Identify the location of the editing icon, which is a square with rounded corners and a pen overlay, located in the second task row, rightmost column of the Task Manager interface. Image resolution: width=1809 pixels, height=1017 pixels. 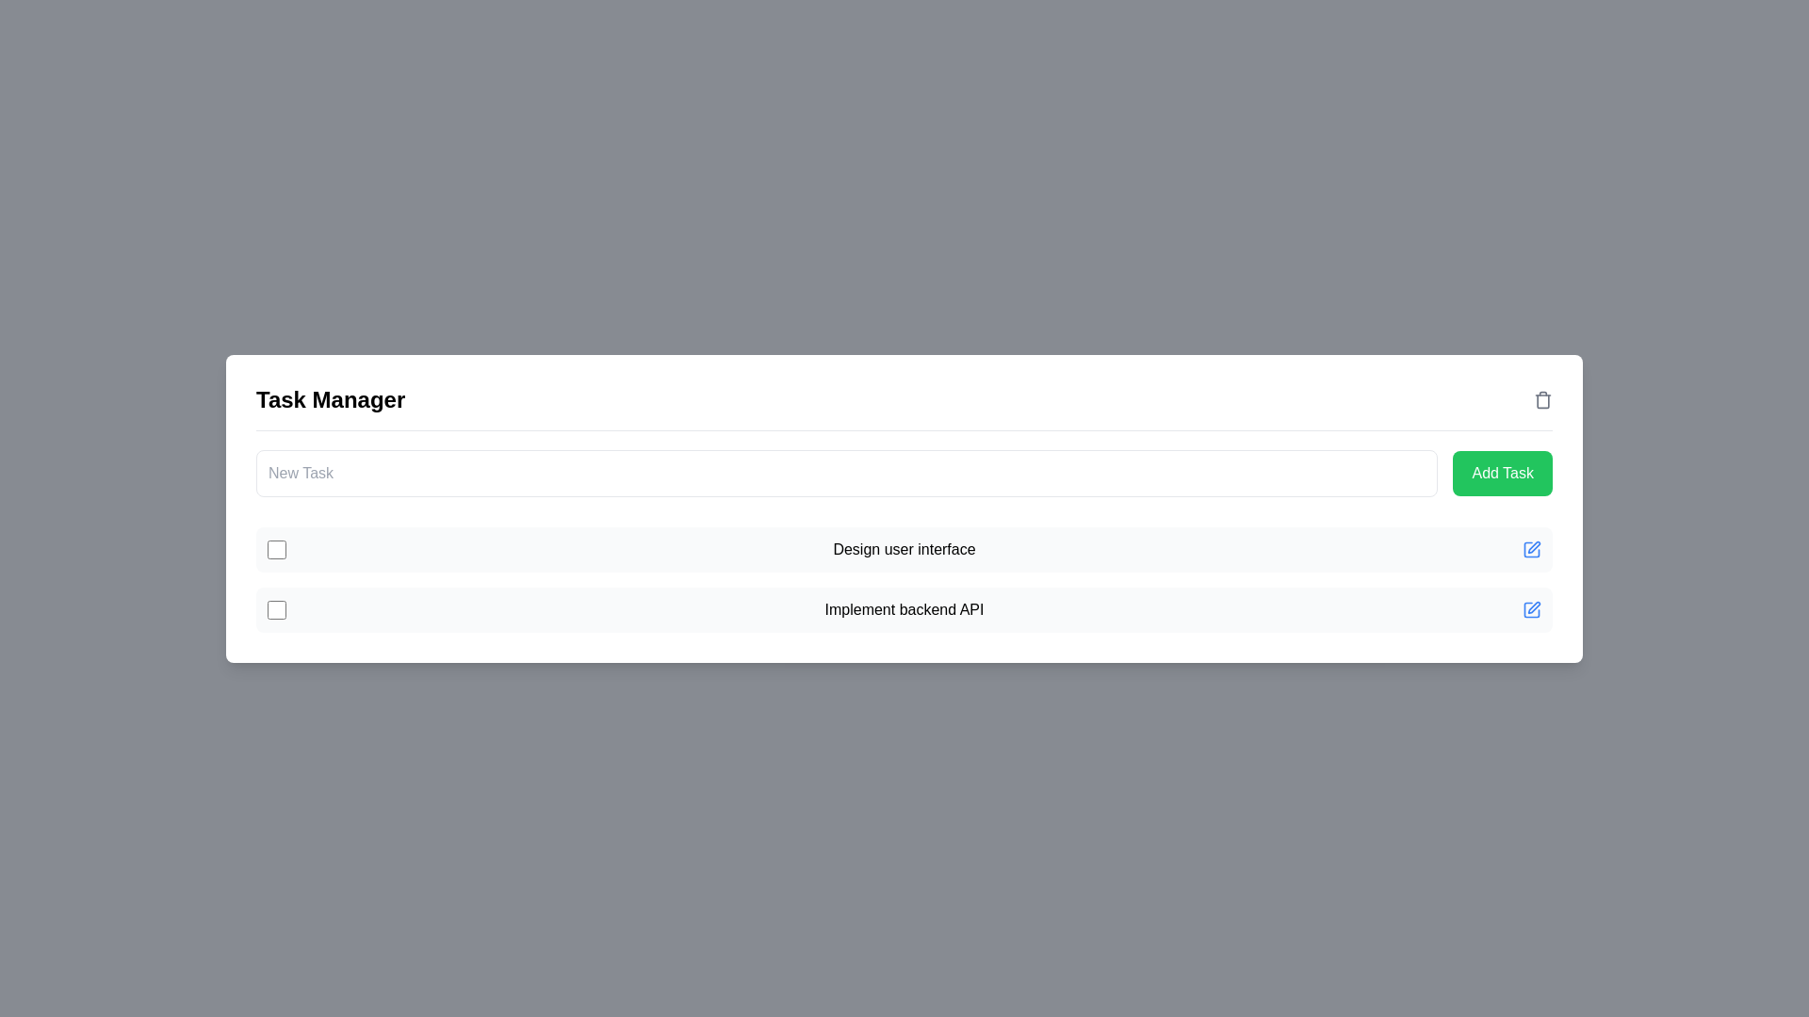
(1532, 548).